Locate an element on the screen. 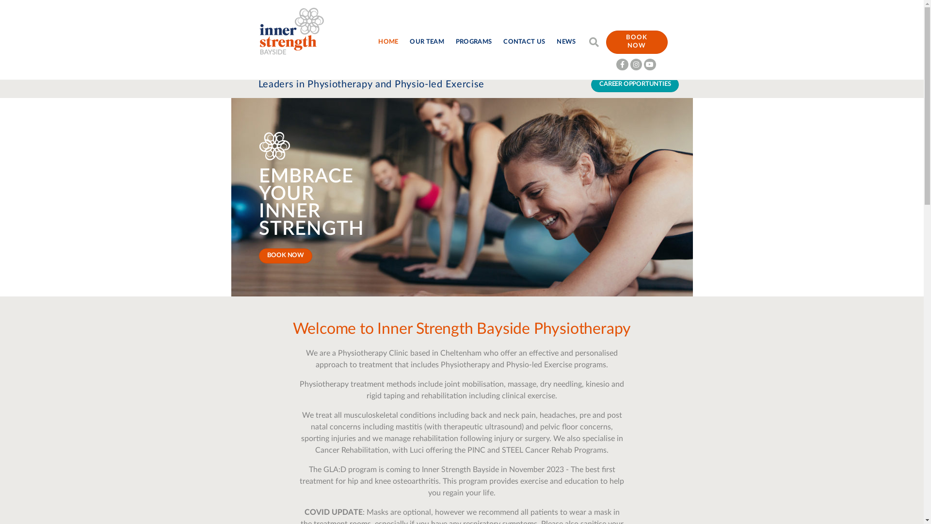  'BOOK NOW' is located at coordinates (637, 42).